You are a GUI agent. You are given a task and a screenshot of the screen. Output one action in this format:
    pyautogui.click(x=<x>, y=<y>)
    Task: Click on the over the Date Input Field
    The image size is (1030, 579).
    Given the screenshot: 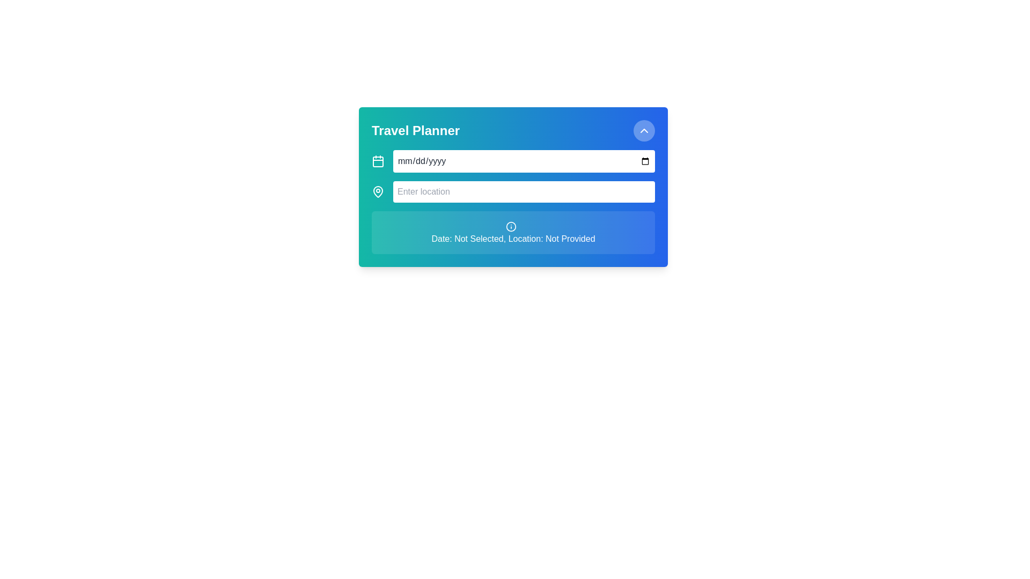 What is the action you would take?
    pyautogui.click(x=524, y=161)
    